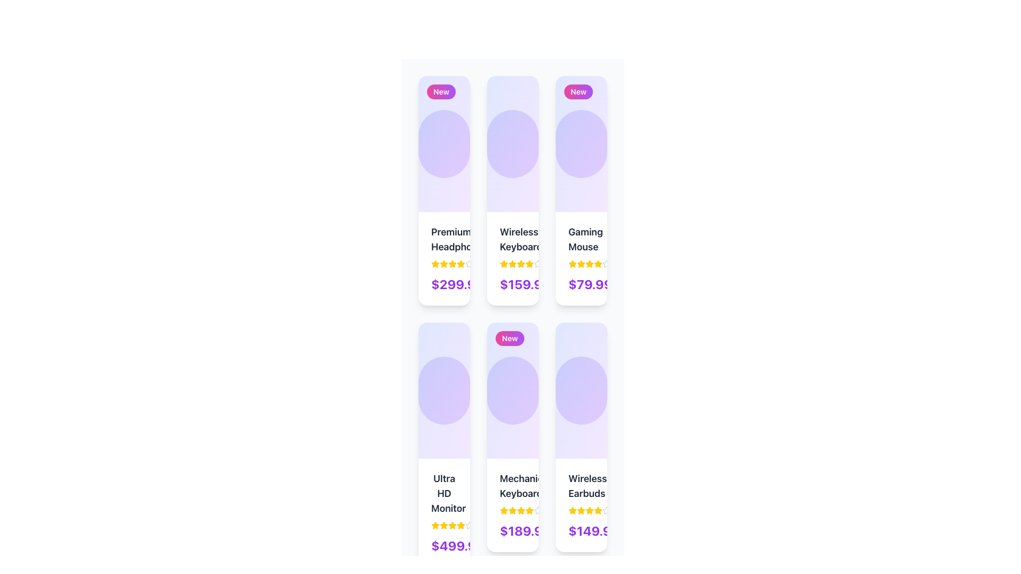 The height and width of the screenshot is (574, 1021). What do you see at coordinates (475, 143) in the screenshot?
I see `the heart-shaped SVG icon that serves as a 'favorite' or 'like' button for the Wireless Keyboard product card, located centrally within the second card in the top row` at bounding box center [475, 143].